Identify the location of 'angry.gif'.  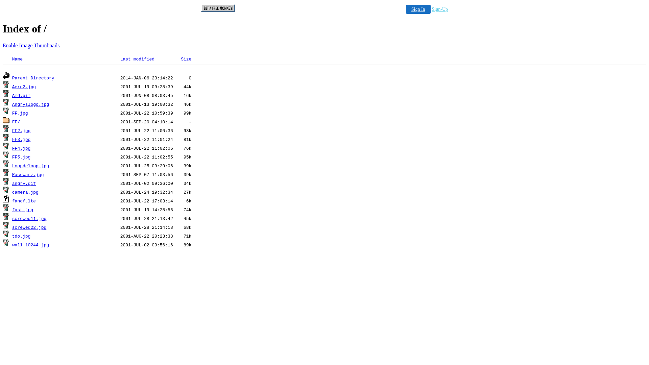
(24, 184).